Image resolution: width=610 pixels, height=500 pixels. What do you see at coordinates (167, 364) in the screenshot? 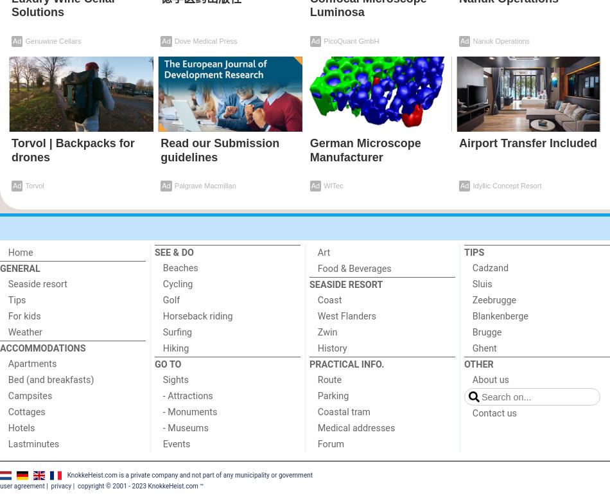
I see `'Go to'` at bounding box center [167, 364].